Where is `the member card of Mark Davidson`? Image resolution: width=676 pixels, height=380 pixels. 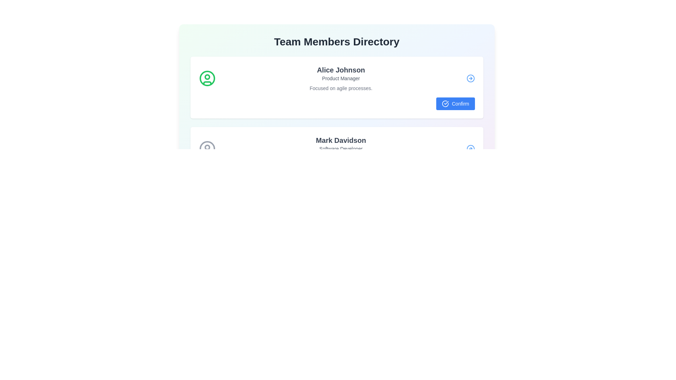 the member card of Mark Davidson is located at coordinates (336, 157).